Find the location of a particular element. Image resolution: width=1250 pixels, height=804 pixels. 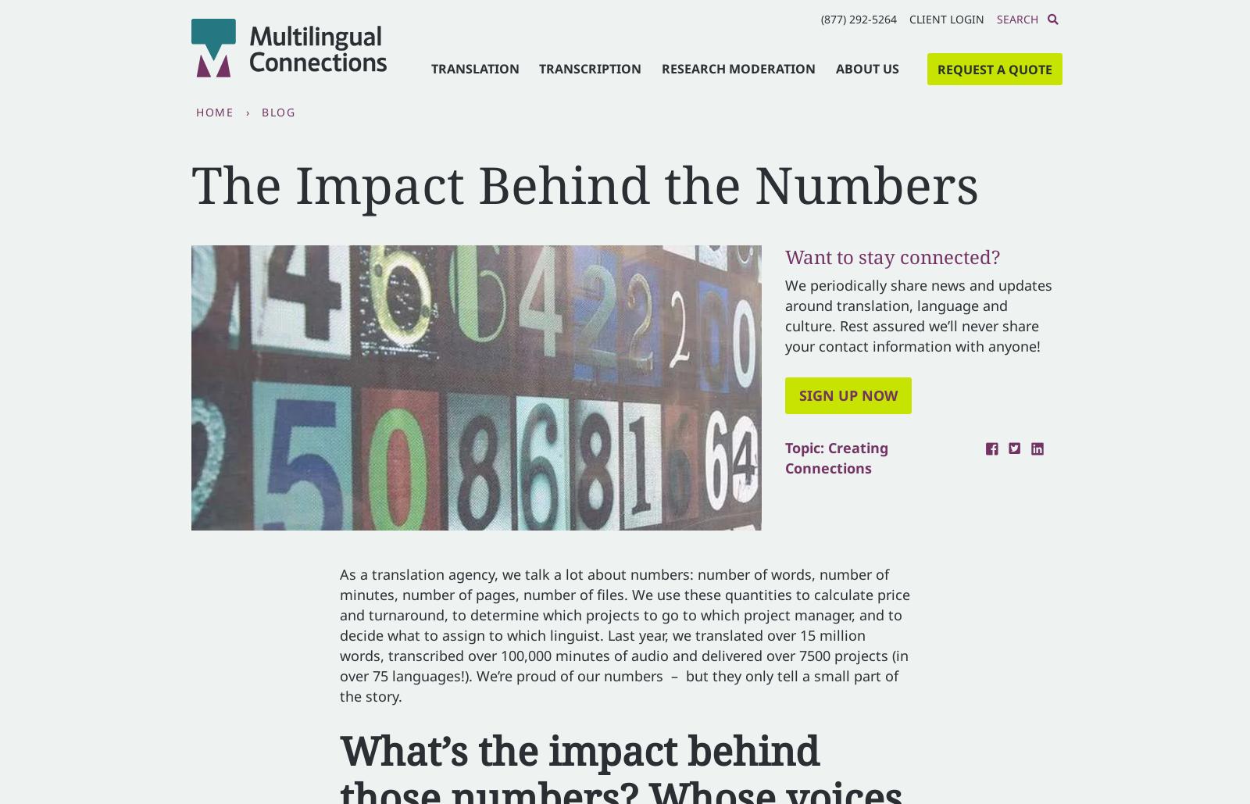

'Last name' is located at coordinates (477, 341).